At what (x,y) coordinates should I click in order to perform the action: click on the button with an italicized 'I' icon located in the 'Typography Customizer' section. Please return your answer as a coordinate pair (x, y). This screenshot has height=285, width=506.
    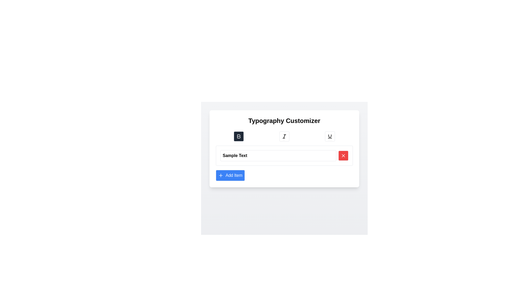
    Looking at the image, I should click on (284, 136).